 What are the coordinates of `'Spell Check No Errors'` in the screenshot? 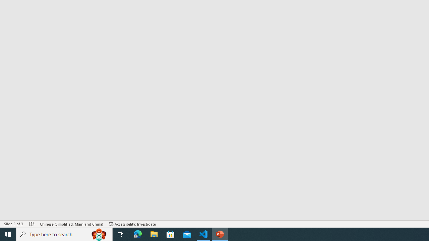 It's located at (32, 224).